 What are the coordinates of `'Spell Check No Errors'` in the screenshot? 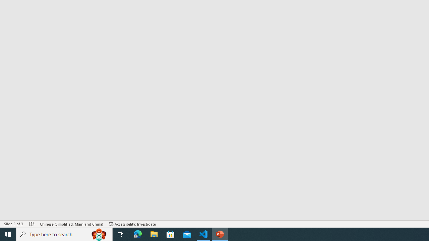 It's located at (32, 224).